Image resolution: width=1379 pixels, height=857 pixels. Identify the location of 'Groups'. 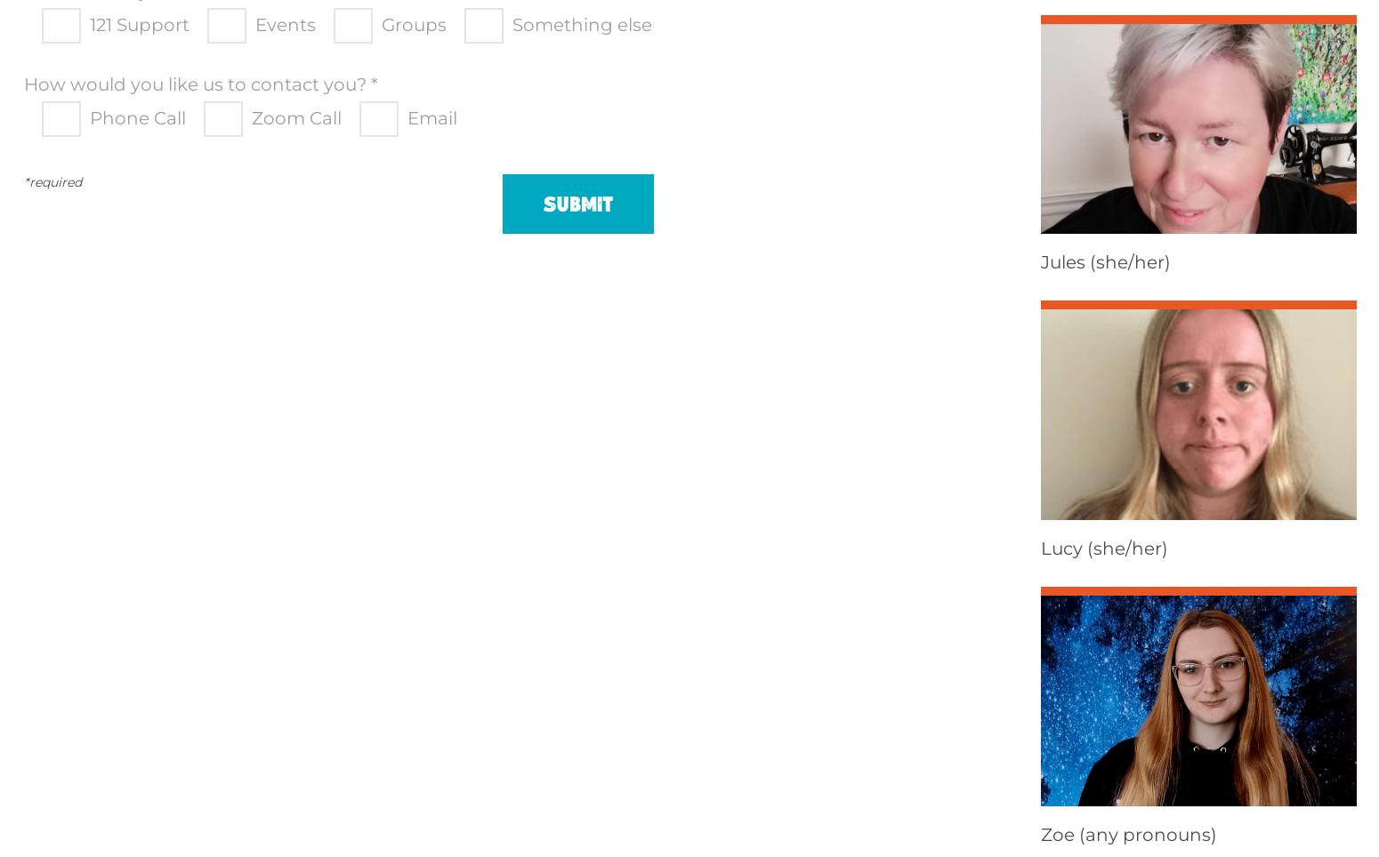
(414, 23).